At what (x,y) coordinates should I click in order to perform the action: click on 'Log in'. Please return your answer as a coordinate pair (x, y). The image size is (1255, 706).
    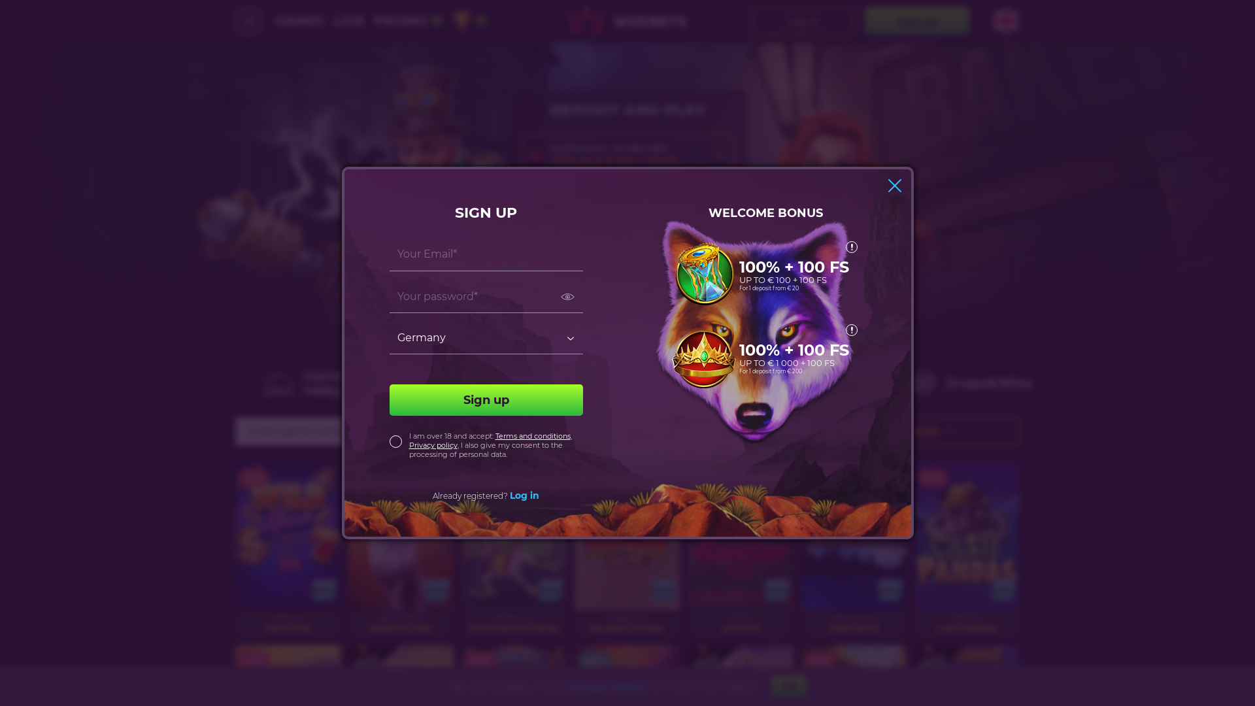
    Looking at the image, I should click on (802, 20).